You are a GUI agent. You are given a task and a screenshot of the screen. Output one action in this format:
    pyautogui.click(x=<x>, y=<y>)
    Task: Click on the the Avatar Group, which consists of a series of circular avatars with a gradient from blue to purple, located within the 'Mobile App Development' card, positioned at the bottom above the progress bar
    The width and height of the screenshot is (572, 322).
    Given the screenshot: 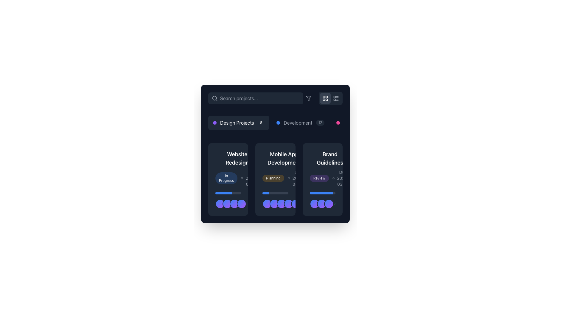 What is the action you would take?
    pyautogui.click(x=285, y=203)
    